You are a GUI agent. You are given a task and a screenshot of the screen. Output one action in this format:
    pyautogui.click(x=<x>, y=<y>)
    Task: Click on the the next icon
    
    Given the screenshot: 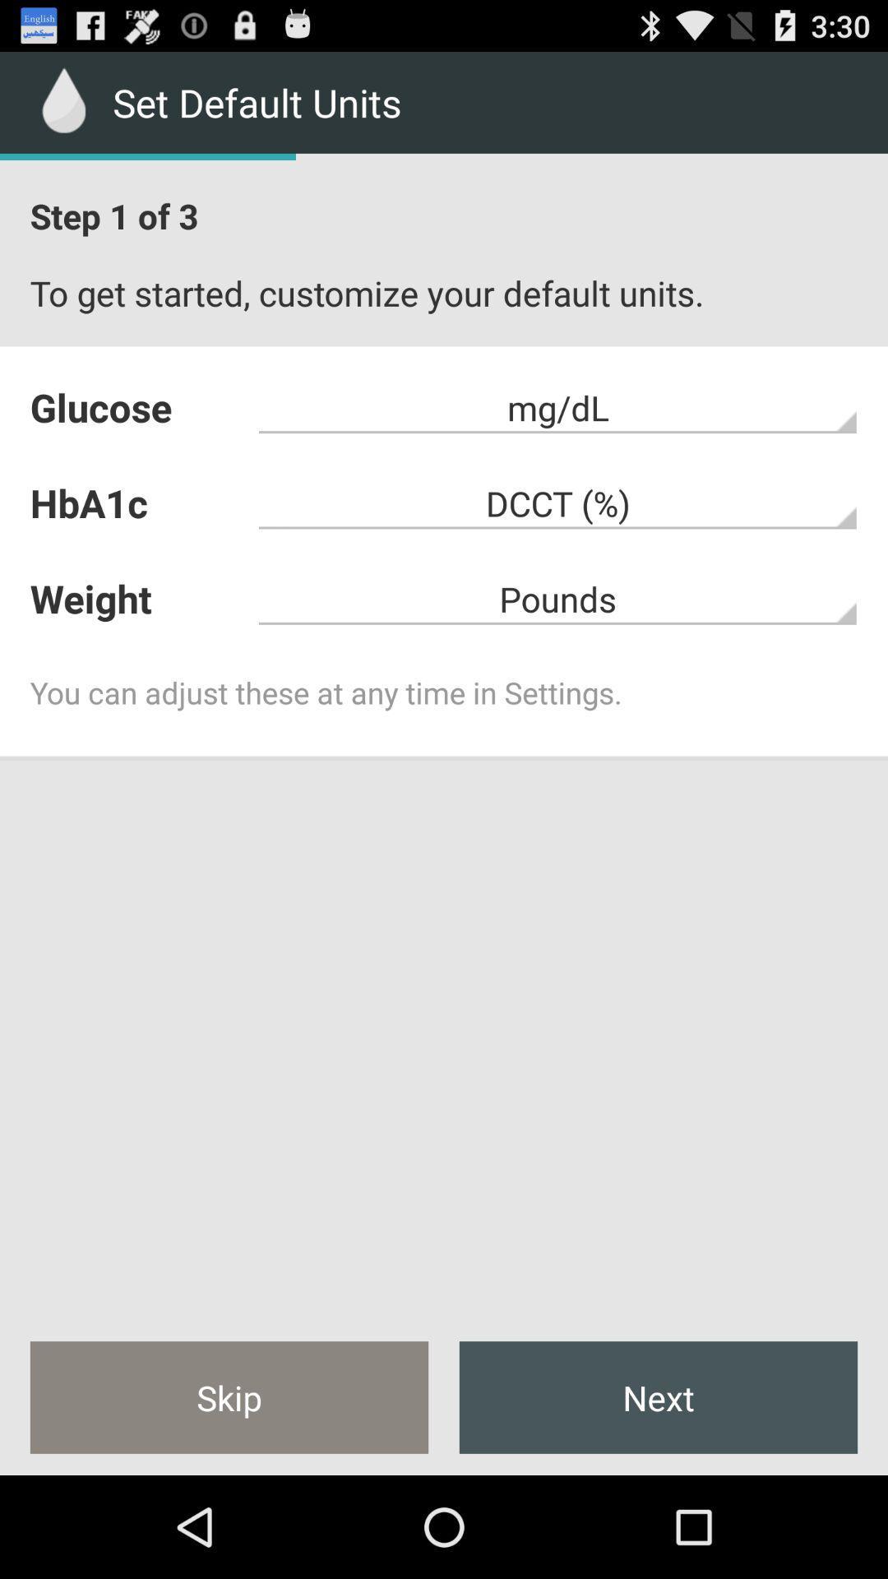 What is the action you would take?
    pyautogui.click(x=658, y=1396)
    